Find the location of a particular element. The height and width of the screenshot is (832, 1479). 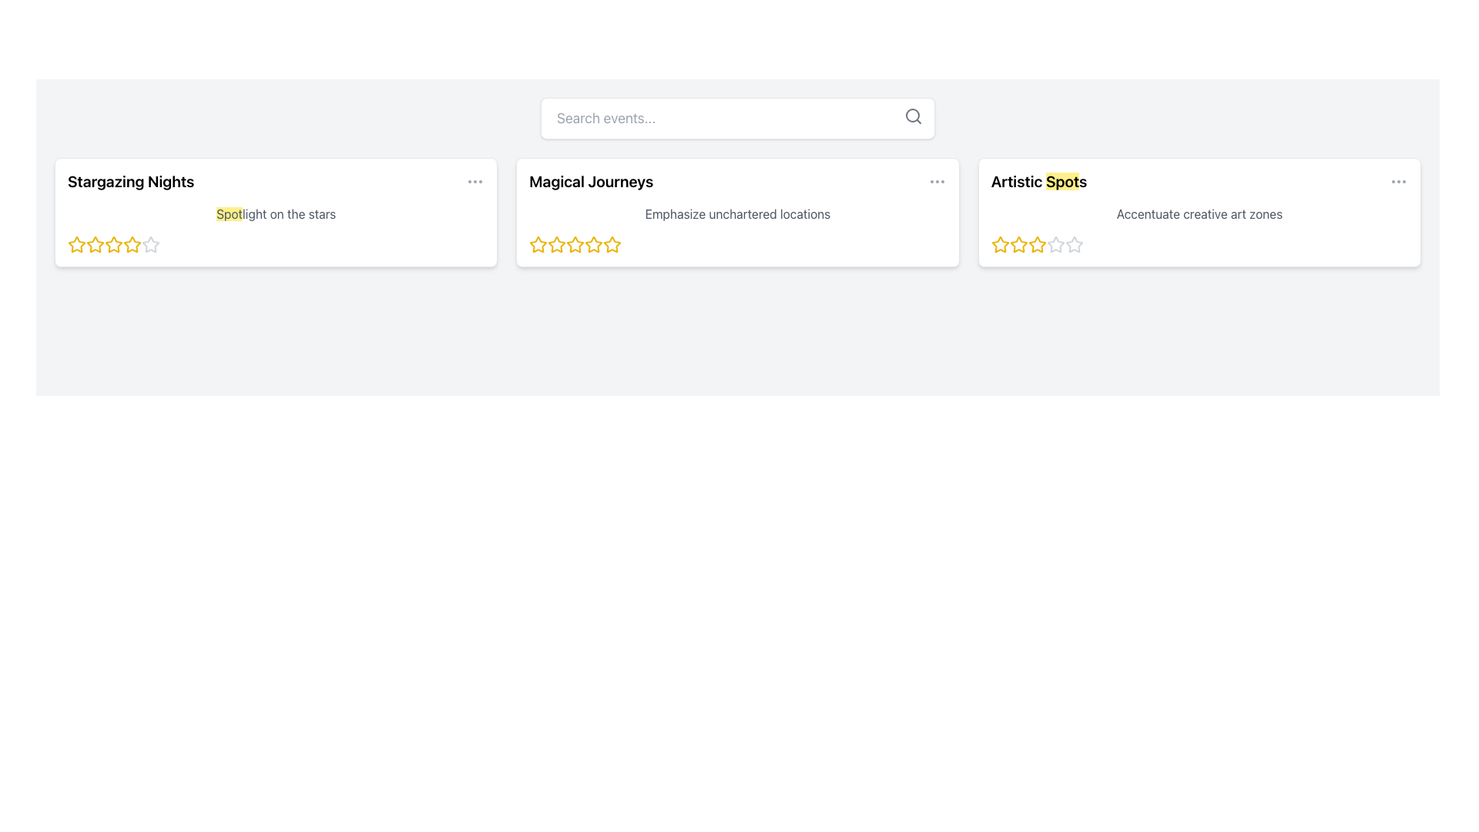

the gray ellipsis icon located in the top-right corner of the 'Artistic Spots' card is located at coordinates (1398, 180).